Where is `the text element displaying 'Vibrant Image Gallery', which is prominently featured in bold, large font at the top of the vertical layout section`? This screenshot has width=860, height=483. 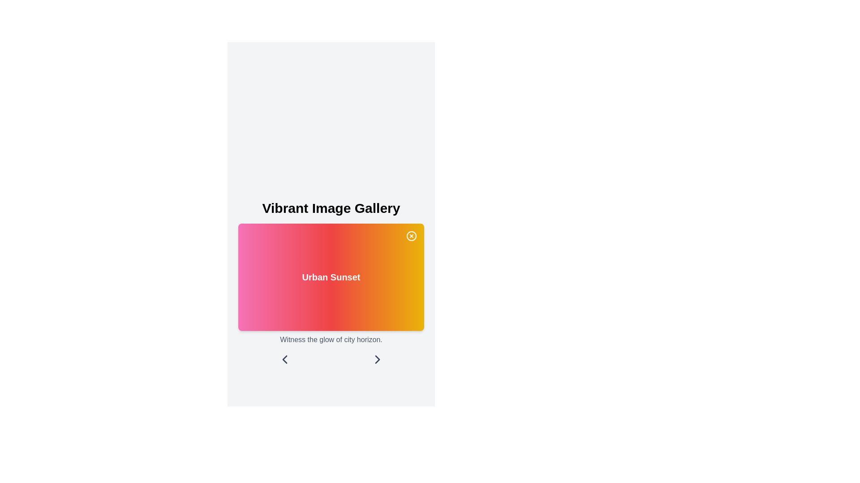
the text element displaying 'Vibrant Image Gallery', which is prominently featured in bold, large font at the top of the vertical layout section is located at coordinates (331, 208).